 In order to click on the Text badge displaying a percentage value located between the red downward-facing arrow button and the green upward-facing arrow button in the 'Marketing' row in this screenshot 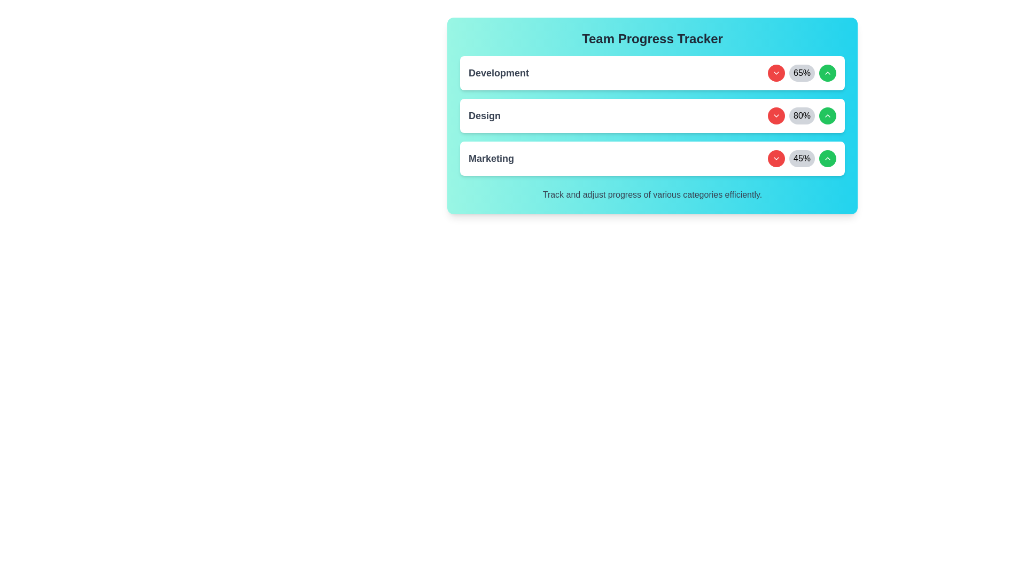, I will do `click(802, 159)`.